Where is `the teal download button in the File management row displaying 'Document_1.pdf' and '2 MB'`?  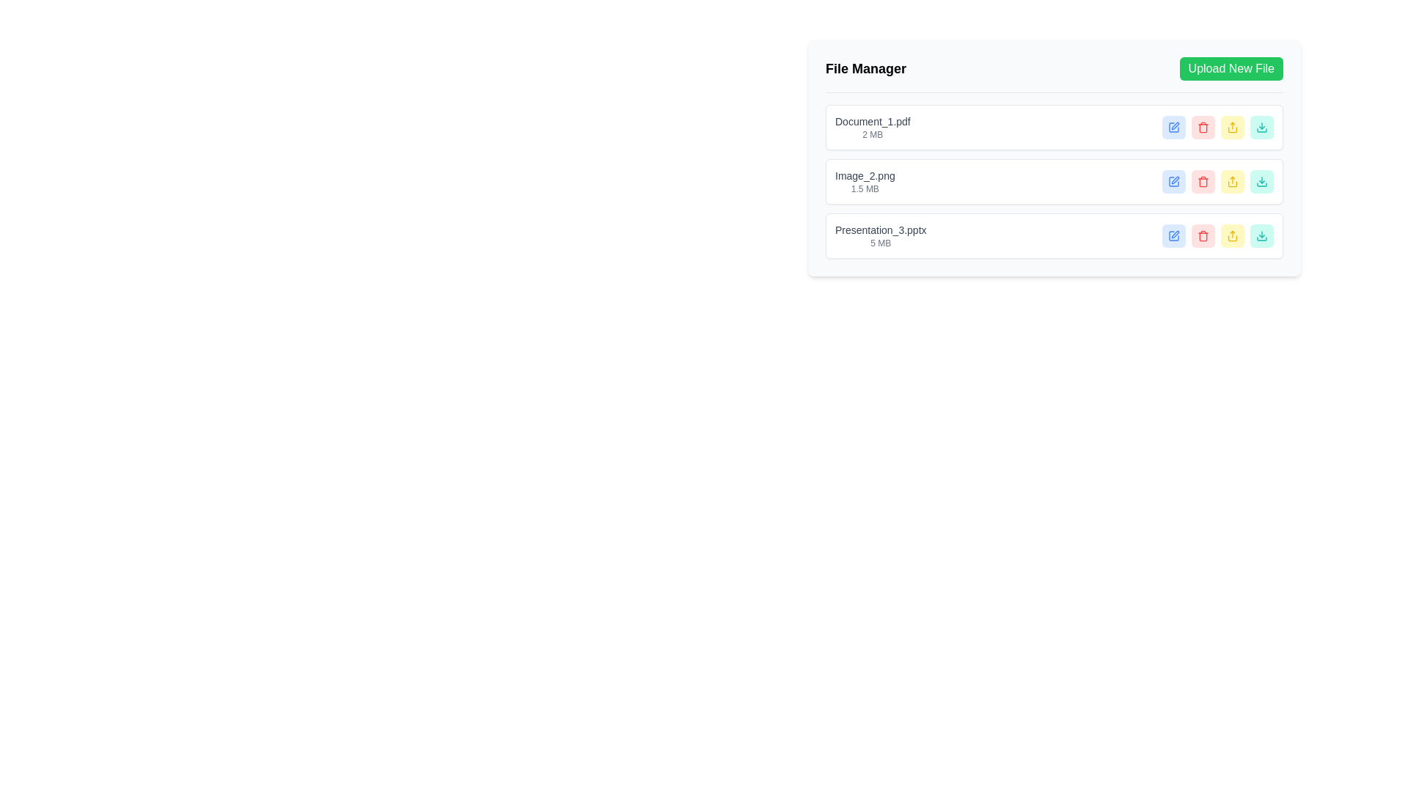 the teal download button in the File management row displaying 'Document_1.pdf' and '2 MB' is located at coordinates (1054, 126).